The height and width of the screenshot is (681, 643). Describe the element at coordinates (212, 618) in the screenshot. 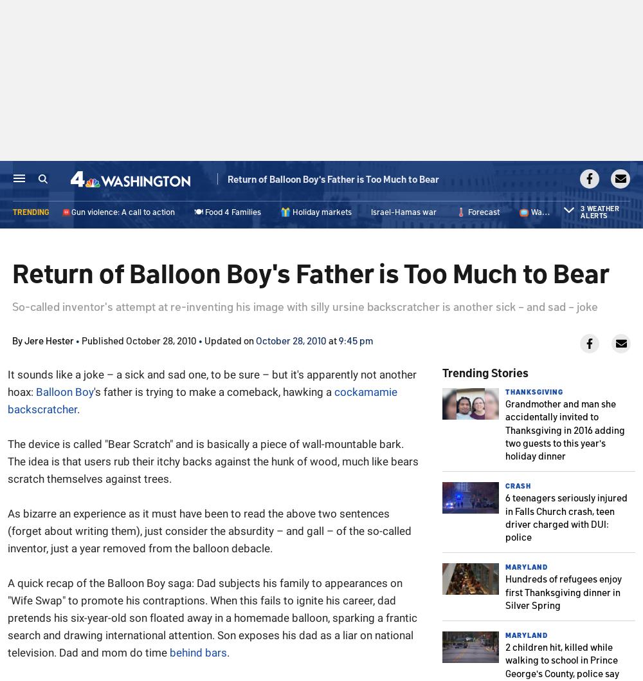

I see `'A quick recap of the Balloon Boy saga: Dad subjects his family to appearances on "Wife Swap" to promote his contraptions. When this fails to ignite his career, dad pretends his six-year-old son floated away in a homemade balloon, sparking a frantic search and drawing international attention. Son exposes his dad as a liar on national television. Dad and mom do time'` at that location.